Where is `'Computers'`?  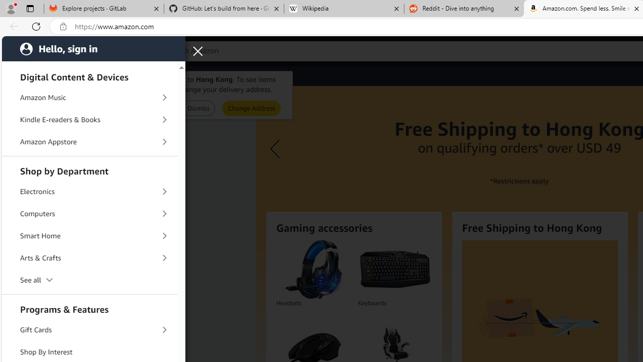
'Computers' is located at coordinates (90, 213).